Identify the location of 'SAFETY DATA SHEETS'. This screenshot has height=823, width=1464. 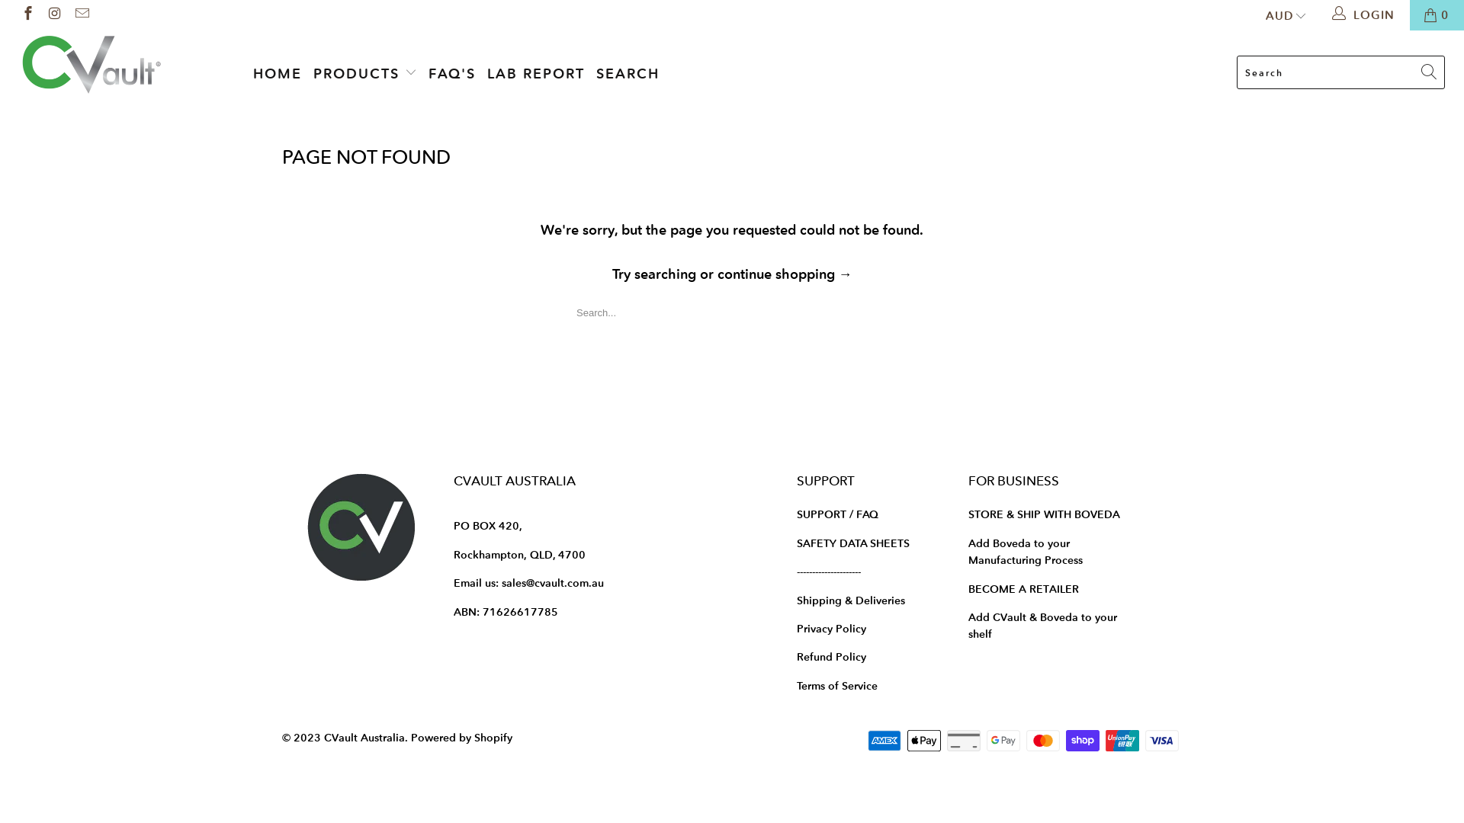
(796, 543).